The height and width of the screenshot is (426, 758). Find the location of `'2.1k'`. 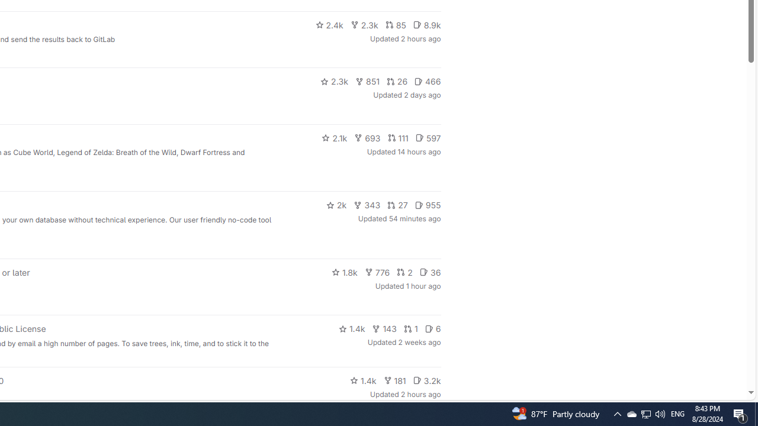

'2.1k' is located at coordinates (334, 137).